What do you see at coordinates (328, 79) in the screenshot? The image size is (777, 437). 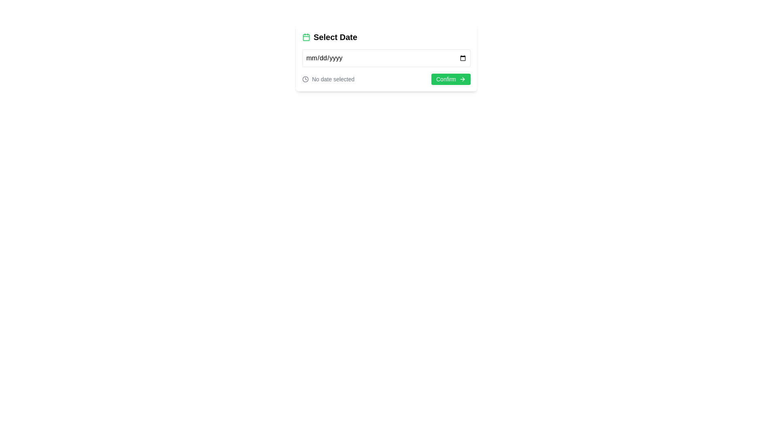 I see `the text label that reads 'No date selected' with a clock icon, positioned in the footer of the date-selection component to the left of the green 'Confirm' button` at bounding box center [328, 79].